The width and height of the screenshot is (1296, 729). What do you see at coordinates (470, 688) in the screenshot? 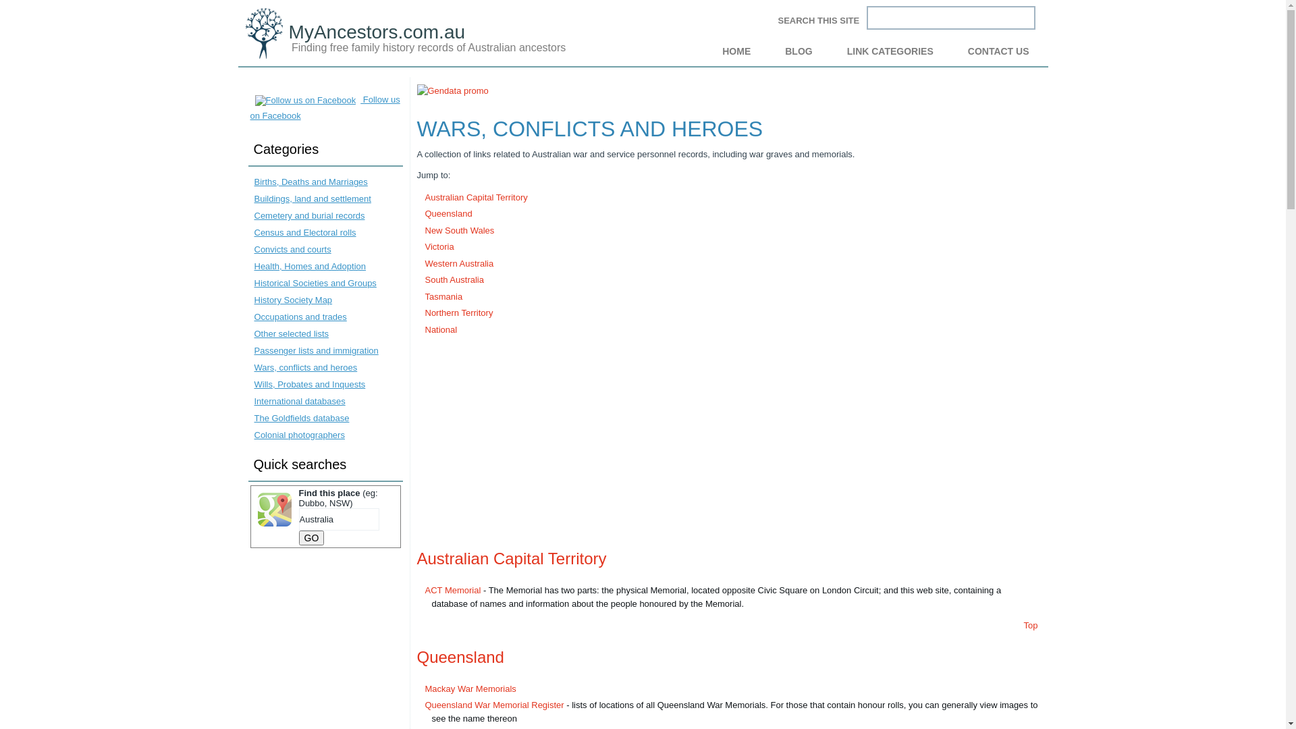
I see `'Mackay War Memorials'` at bounding box center [470, 688].